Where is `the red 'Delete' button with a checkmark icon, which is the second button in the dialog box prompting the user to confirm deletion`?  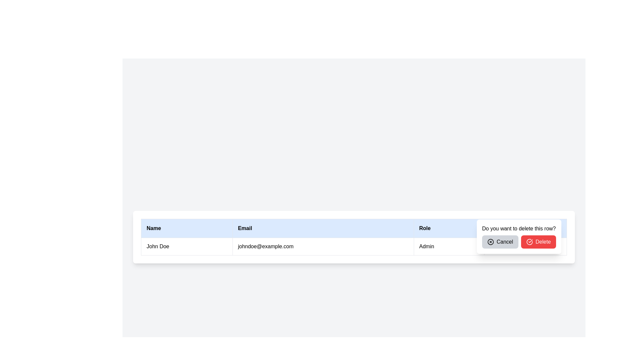
the red 'Delete' button with a checkmark icon, which is the second button in the dialog box prompting the user to confirm deletion is located at coordinates (525, 246).